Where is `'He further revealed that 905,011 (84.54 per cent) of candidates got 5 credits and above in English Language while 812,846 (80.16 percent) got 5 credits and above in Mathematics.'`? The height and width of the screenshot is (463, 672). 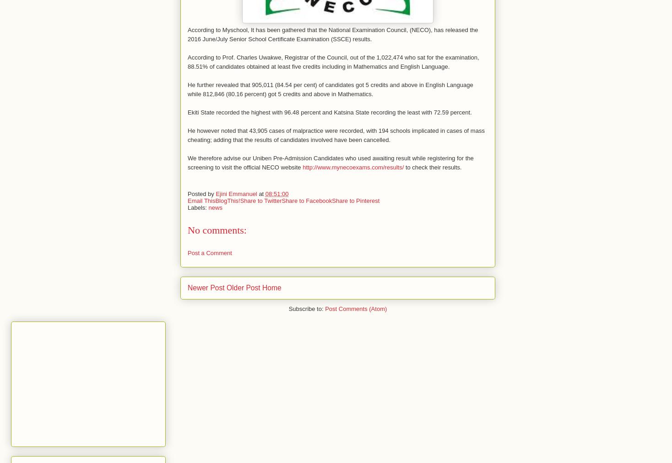 'He further revealed that 905,011 (84.54 per cent) of candidates got 5 credits and above in English Language while 812,846 (80.16 percent) got 5 credits and above in Mathematics.' is located at coordinates (330, 89).